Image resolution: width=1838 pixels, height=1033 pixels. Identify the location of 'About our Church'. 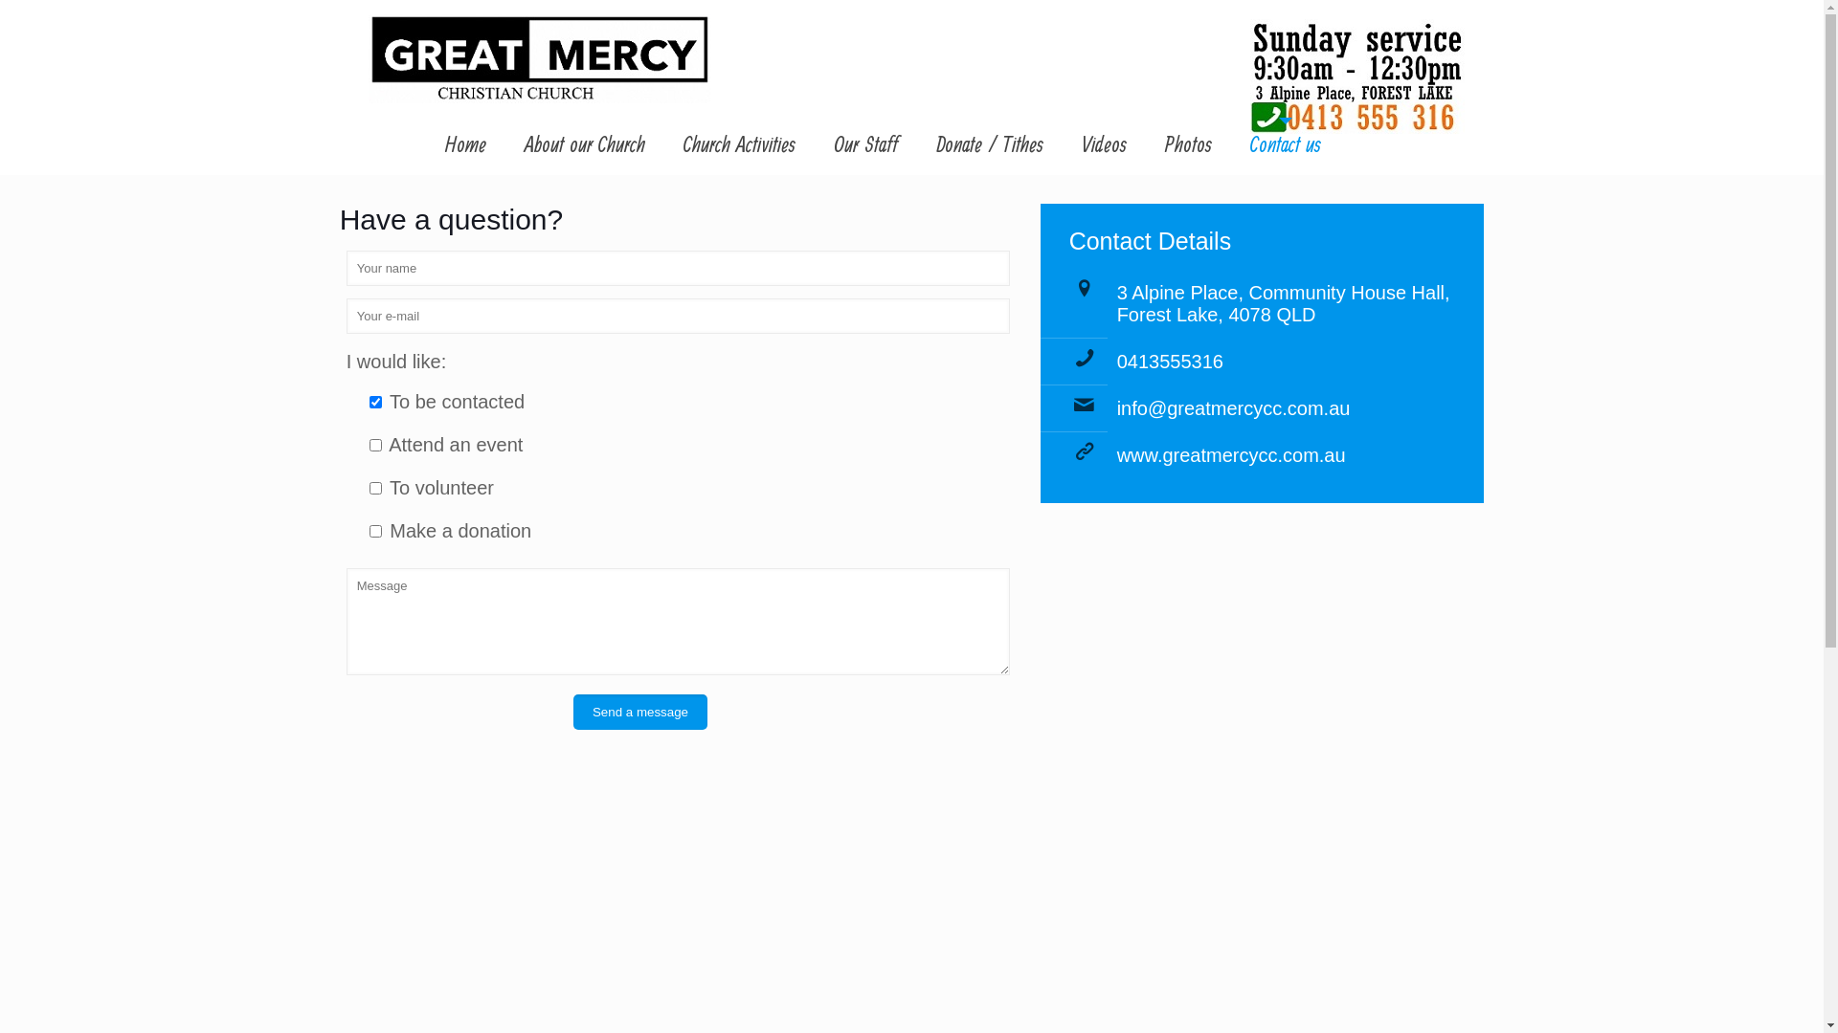
(583, 145).